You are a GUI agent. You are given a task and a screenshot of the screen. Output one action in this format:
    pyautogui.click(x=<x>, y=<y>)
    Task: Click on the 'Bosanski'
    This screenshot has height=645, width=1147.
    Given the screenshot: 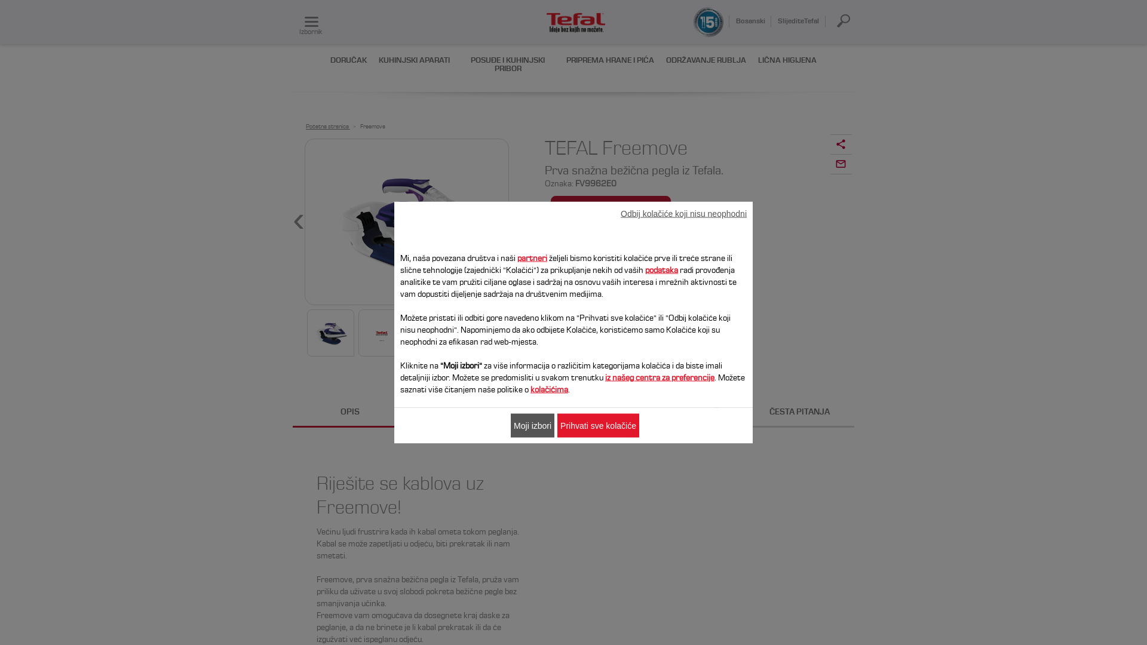 What is the action you would take?
    pyautogui.click(x=750, y=20)
    